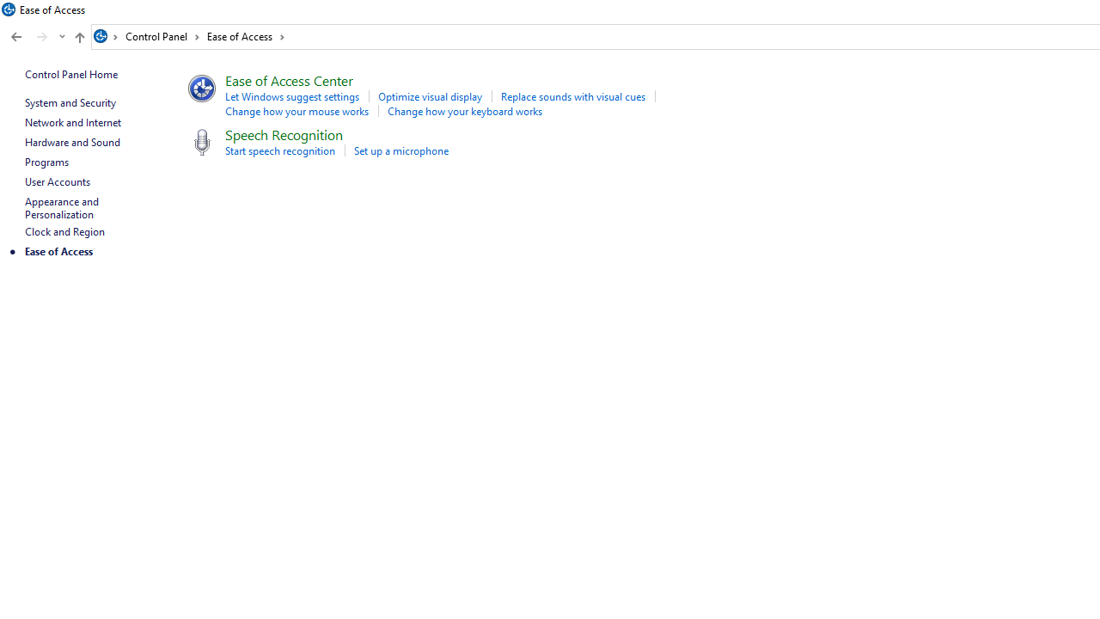  I want to click on 'Navigation buttons', so click(36, 37).